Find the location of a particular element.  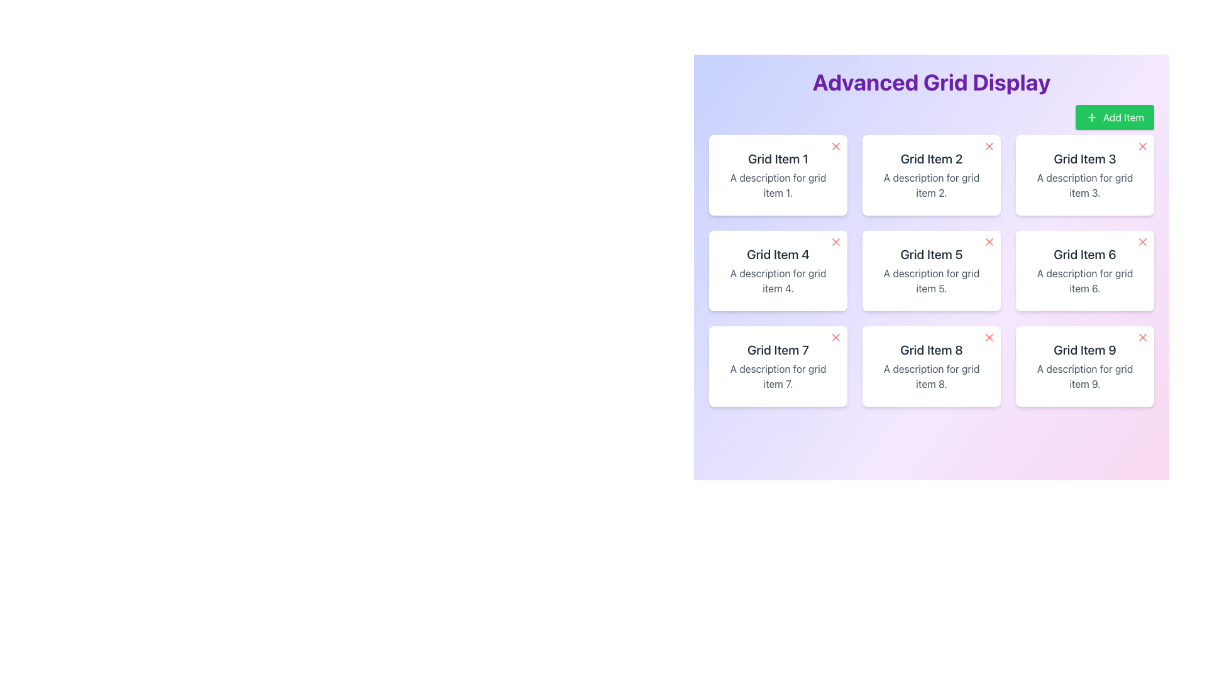

the close icon at the top-right corner of 'Grid Item 3' is located at coordinates (1143, 145).